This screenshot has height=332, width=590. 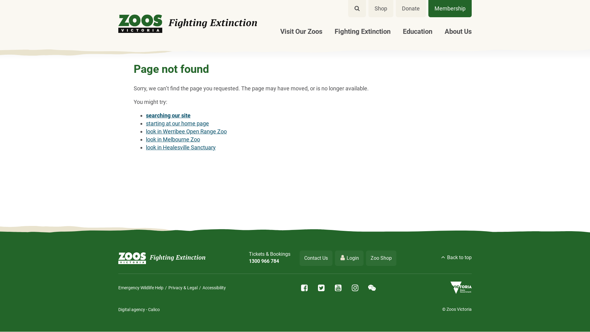 I want to click on 'searching our site', so click(x=168, y=115).